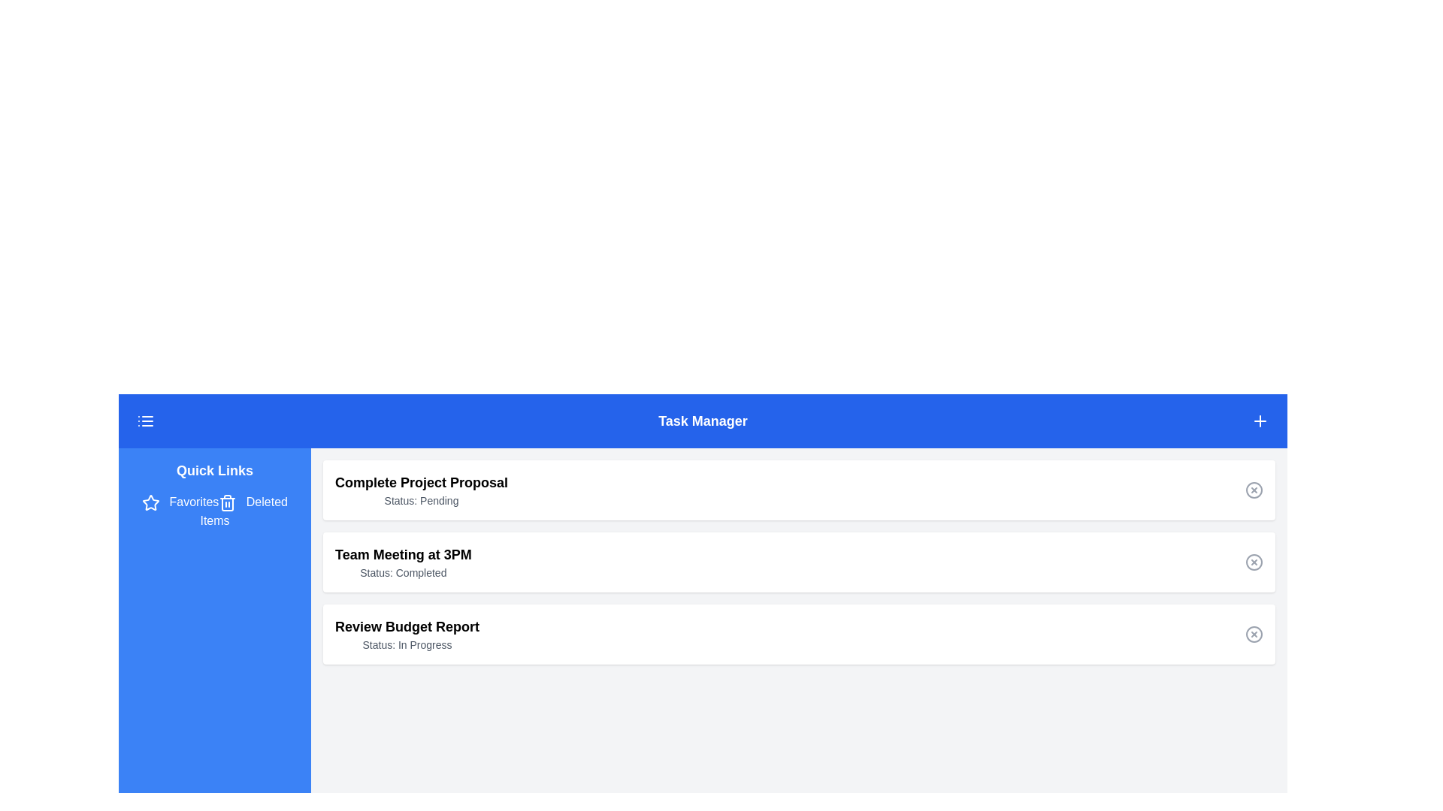 The image size is (1443, 811). I want to click on the square button with rounded corners, blue background, and white plus icon located in the top-right corner of the 'Task Manager' blue bar, so click(1260, 421).